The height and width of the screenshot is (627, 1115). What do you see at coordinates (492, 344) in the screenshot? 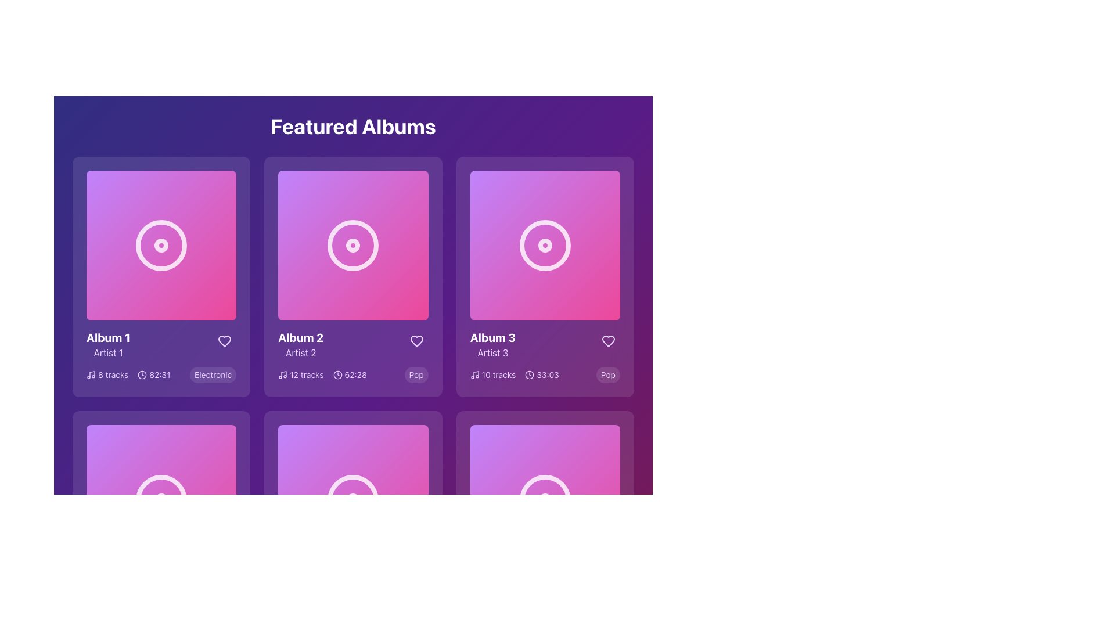
I see `text content from the text label displaying album and artist information, located in the third album block of the top row, beneath the album image` at bounding box center [492, 344].